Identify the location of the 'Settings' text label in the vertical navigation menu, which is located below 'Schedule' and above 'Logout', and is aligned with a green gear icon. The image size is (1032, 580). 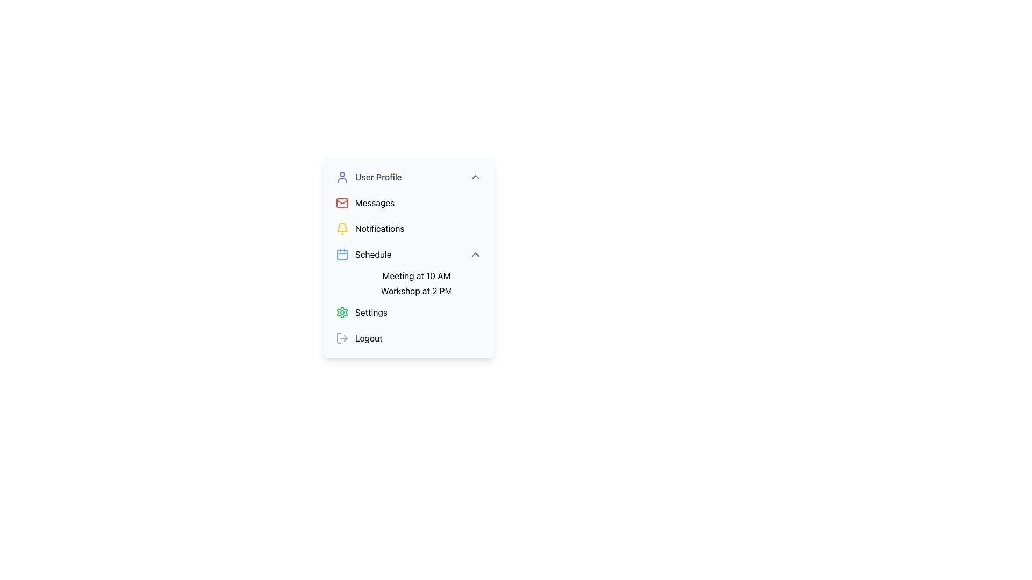
(371, 313).